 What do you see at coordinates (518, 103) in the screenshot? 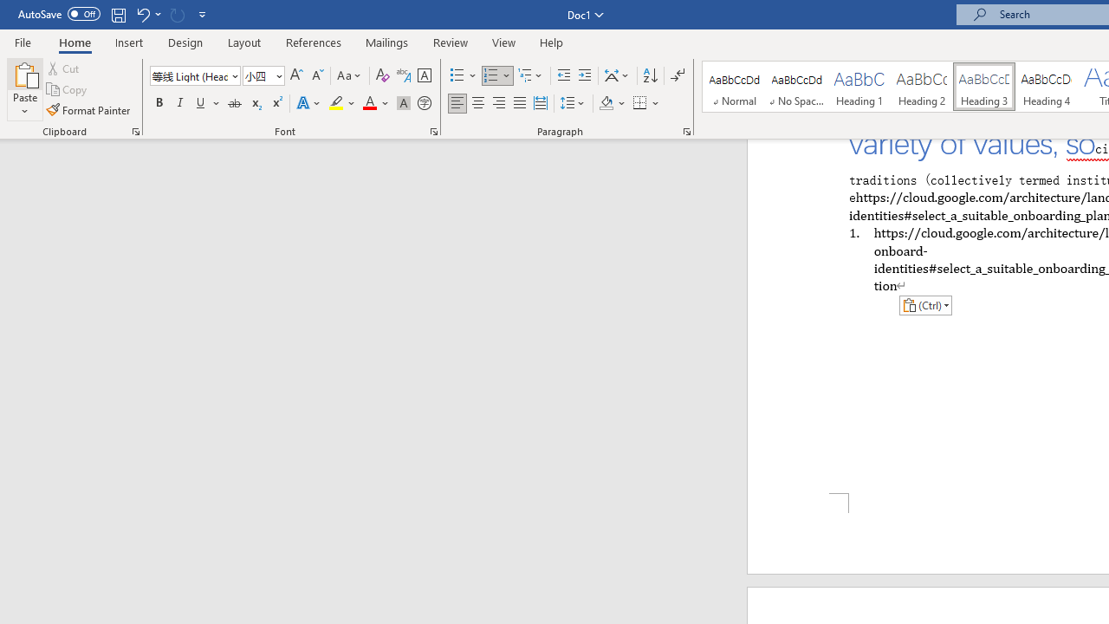
I see `'Justify'` at bounding box center [518, 103].